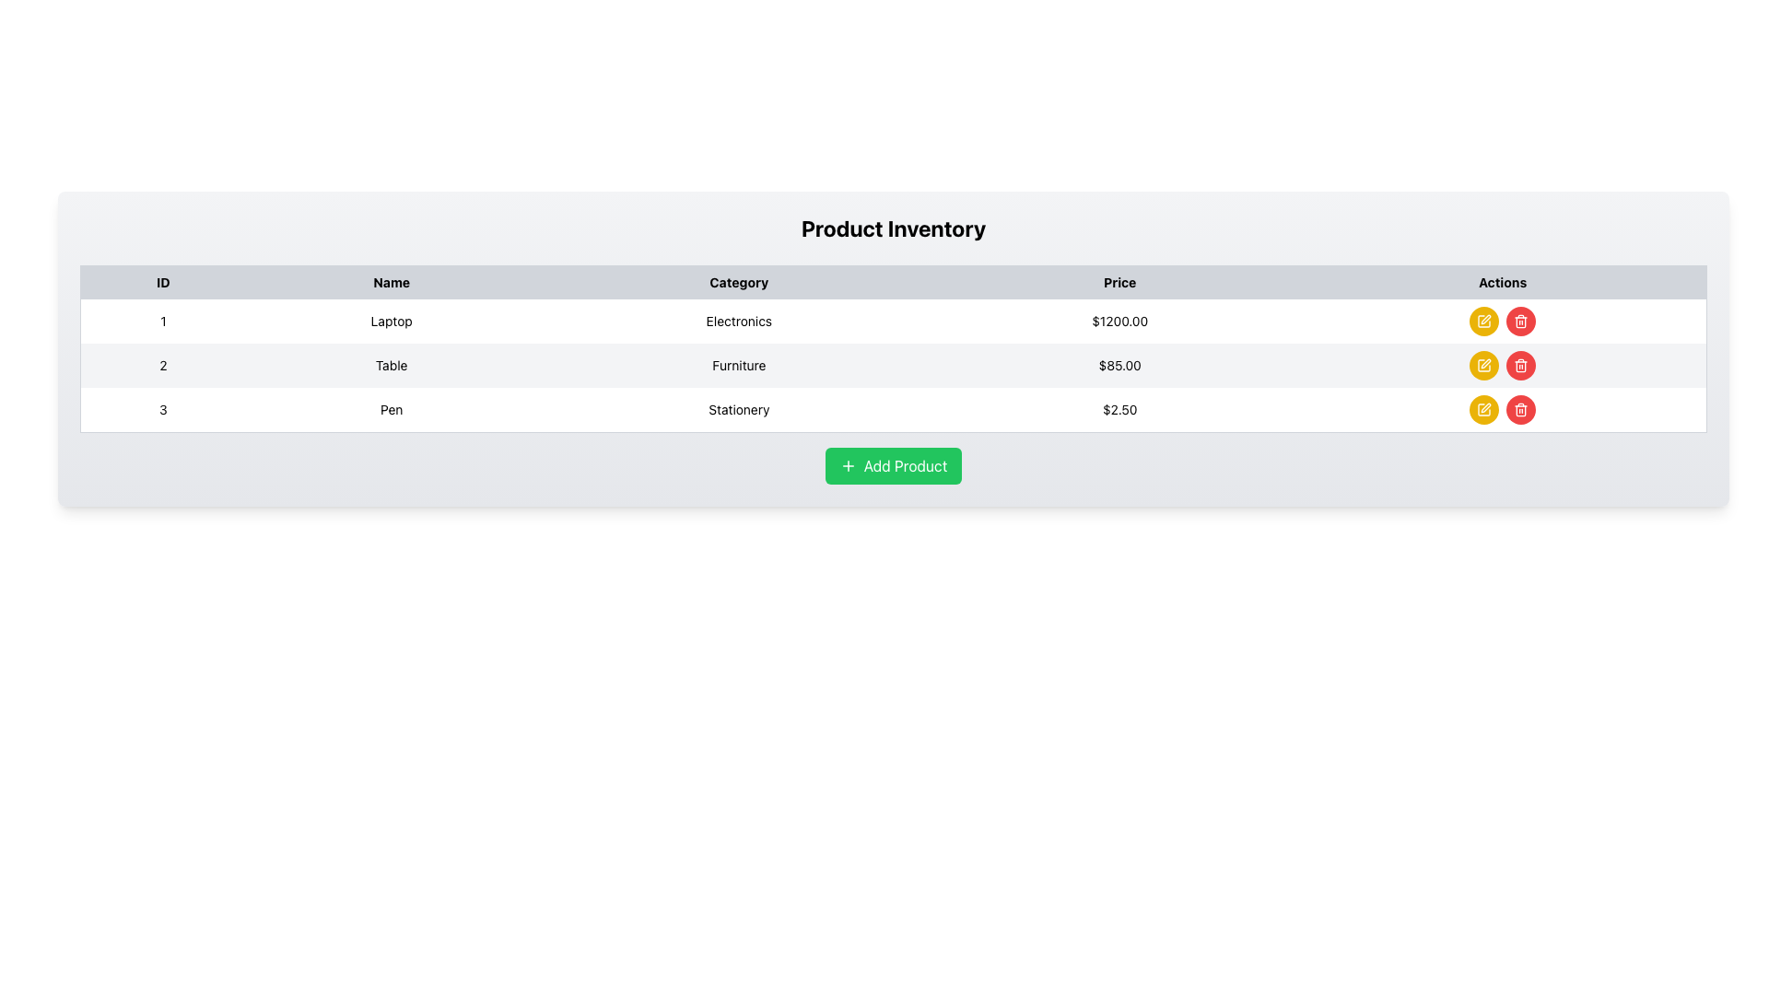 The height and width of the screenshot is (995, 1769). Describe the element at coordinates (163, 409) in the screenshot. I see `the Static Text Label displaying the number '3' in the ID column of the third row in the tabular layout` at that location.